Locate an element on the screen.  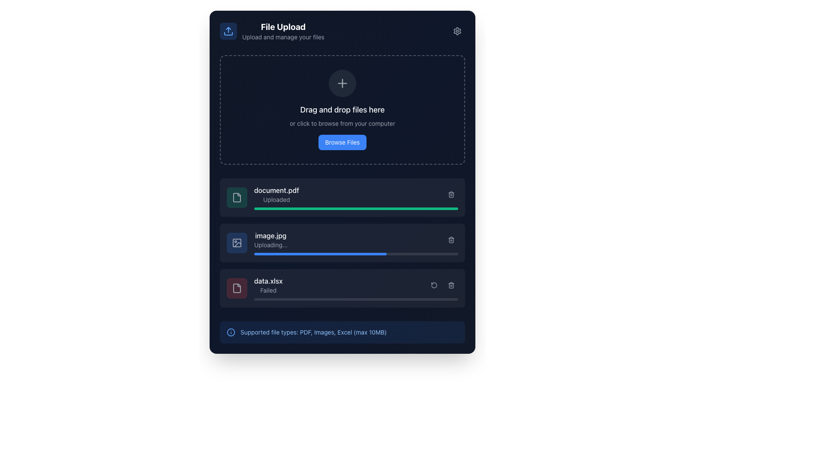
file name 'image.jpg' and its status 'Uploading...' from the file upload information block displaying the progress of the upload is located at coordinates (356, 243).